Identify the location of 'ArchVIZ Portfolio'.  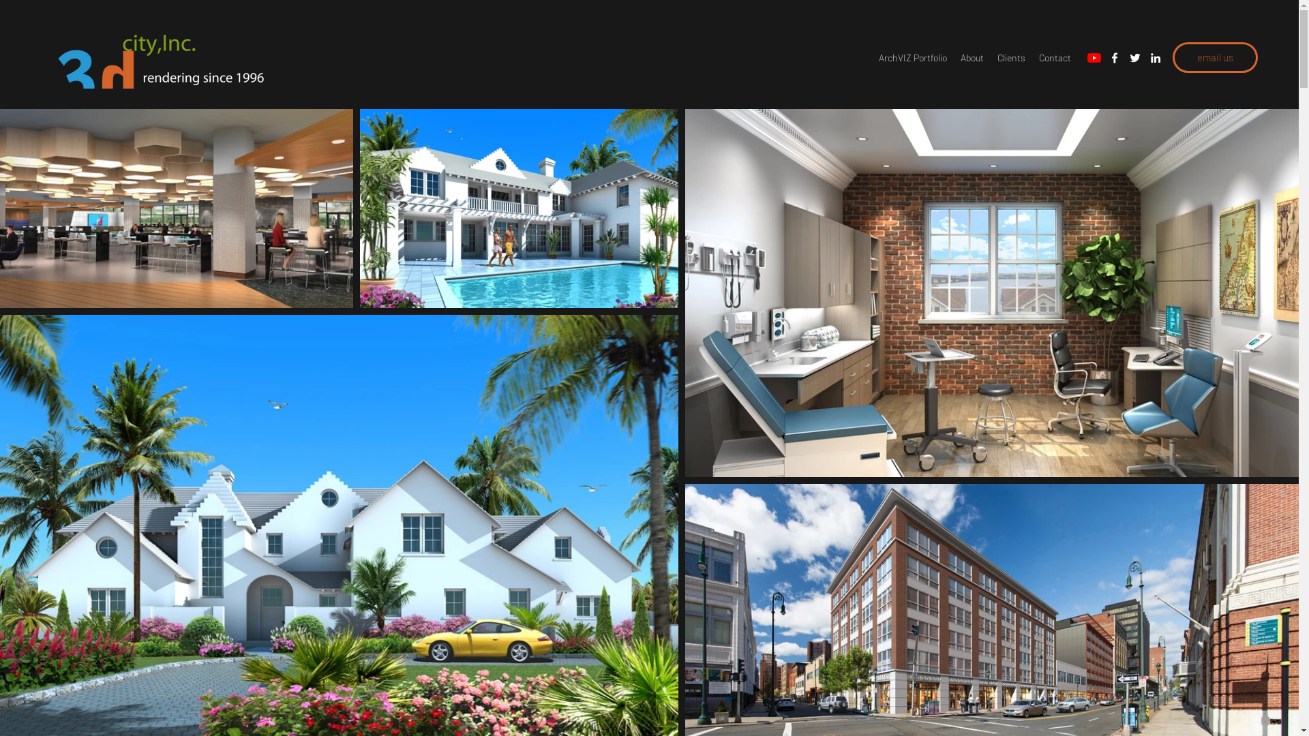
(913, 57).